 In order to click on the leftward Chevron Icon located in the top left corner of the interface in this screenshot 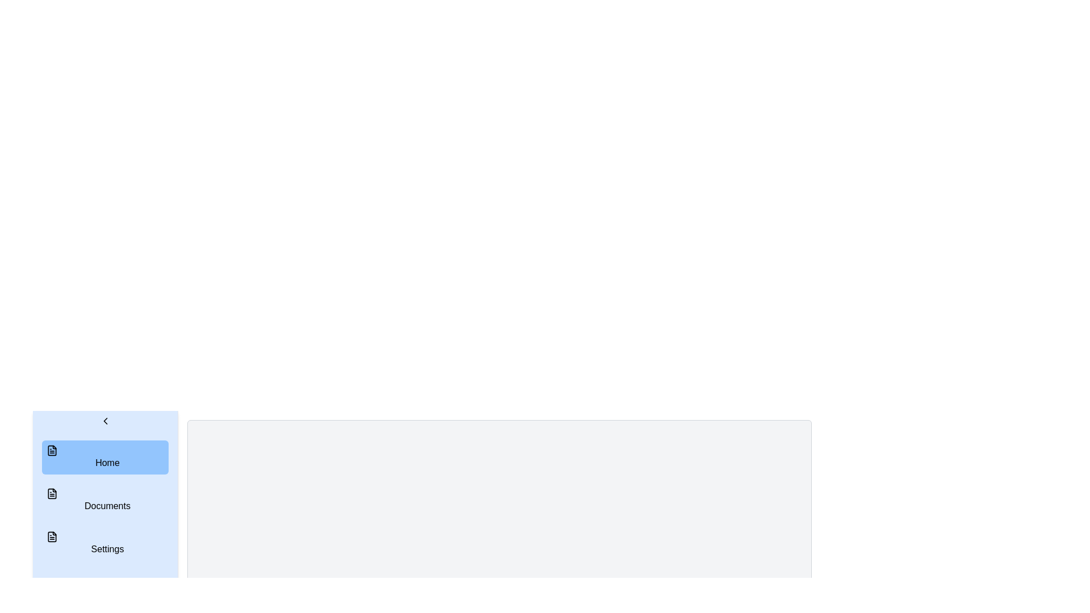, I will do `click(105, 421)`.